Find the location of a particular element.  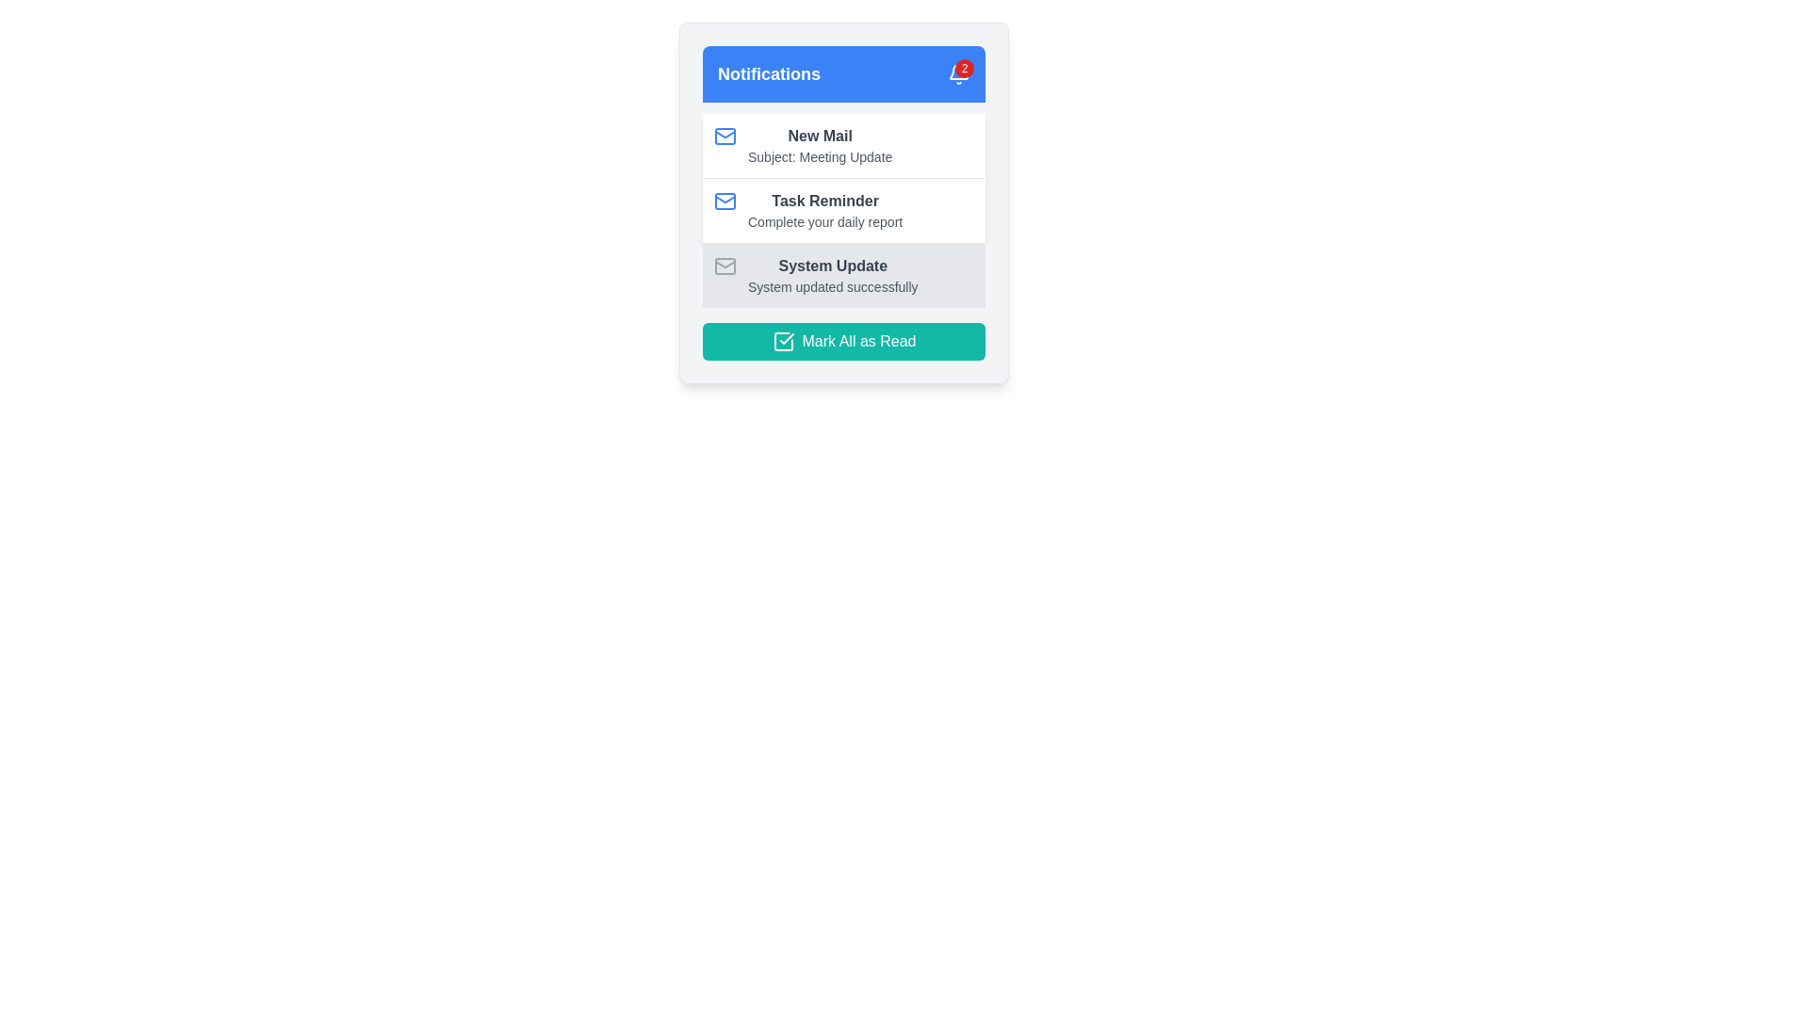

the second notification item in the notification panel, which summarizes a task reminder is located at coordinates (825, 210).